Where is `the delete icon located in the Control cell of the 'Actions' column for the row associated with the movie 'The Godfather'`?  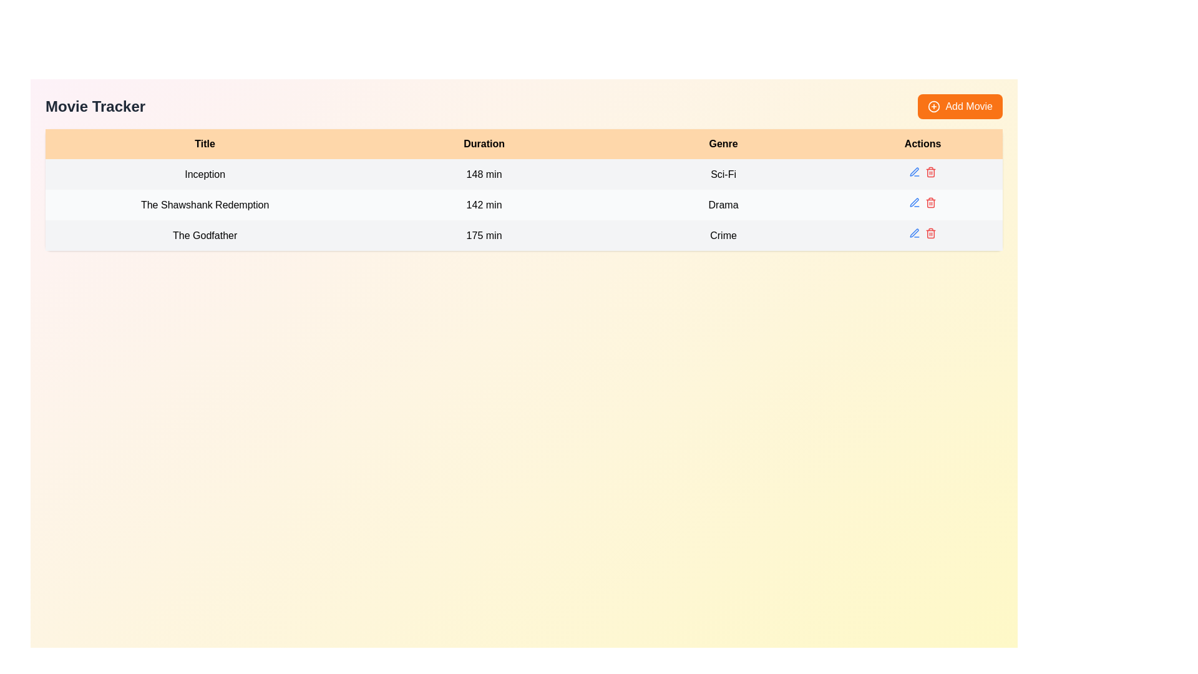 the delete icon located in the Control cell of the 'Actions' column for the row associated with the movie 'The Godfather' is located at coordinates (922, 235).